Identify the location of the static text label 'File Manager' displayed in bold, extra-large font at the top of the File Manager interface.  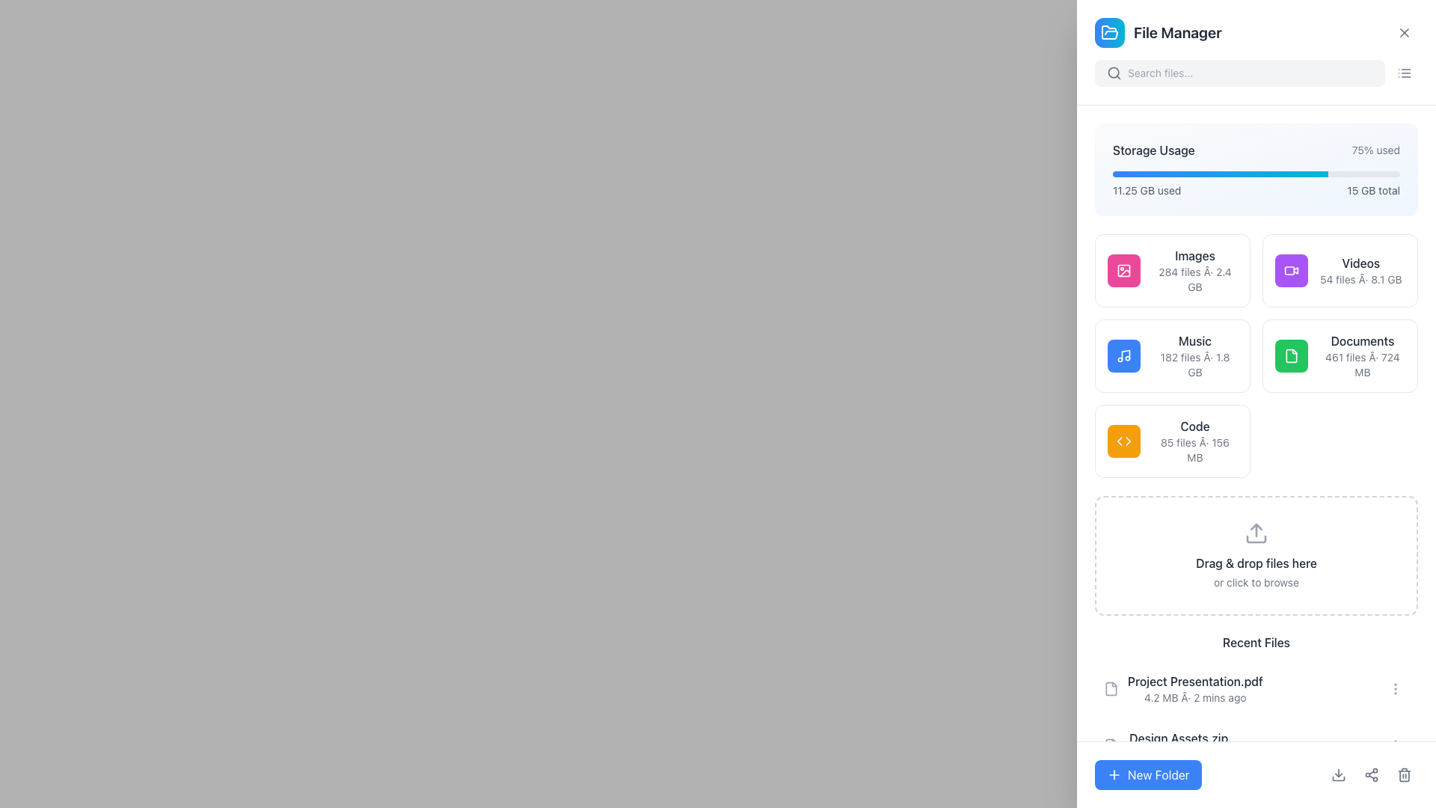
(1176, 32).